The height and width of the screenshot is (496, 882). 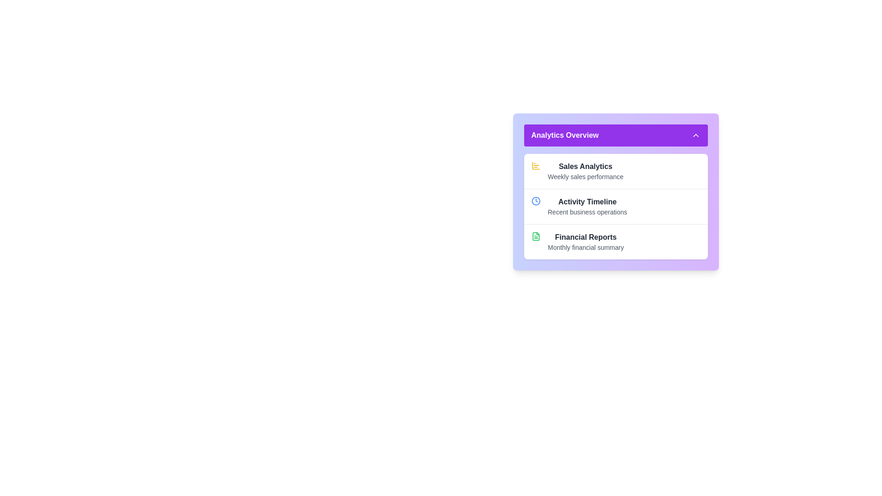 I want to click on the 'Financial Reports' icon to observe its tooltip or additional information associated with it, so click(x=536, y=236).